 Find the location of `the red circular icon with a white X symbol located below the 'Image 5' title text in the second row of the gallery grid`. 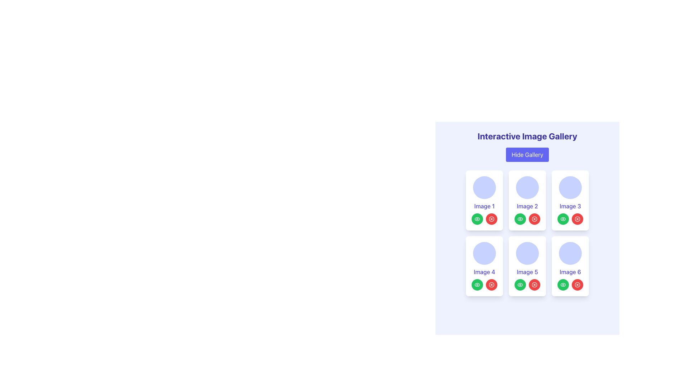

the red circular icon with a white X symbol located below the 'Image 5' title text in the second row of the gallery grid is located at coordinates (527, 284).